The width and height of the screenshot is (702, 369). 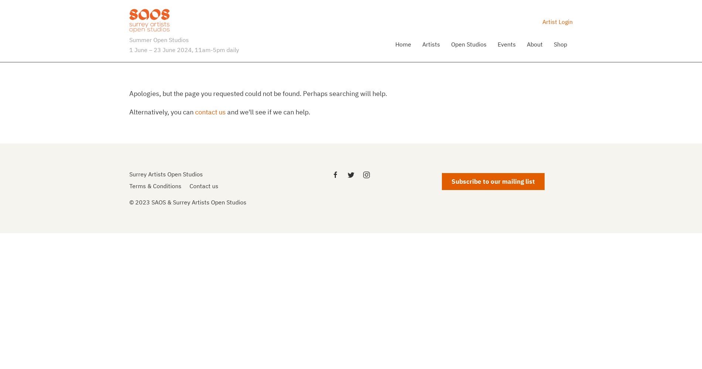 I want to click on 'contact us', so click(x=210, y=112).